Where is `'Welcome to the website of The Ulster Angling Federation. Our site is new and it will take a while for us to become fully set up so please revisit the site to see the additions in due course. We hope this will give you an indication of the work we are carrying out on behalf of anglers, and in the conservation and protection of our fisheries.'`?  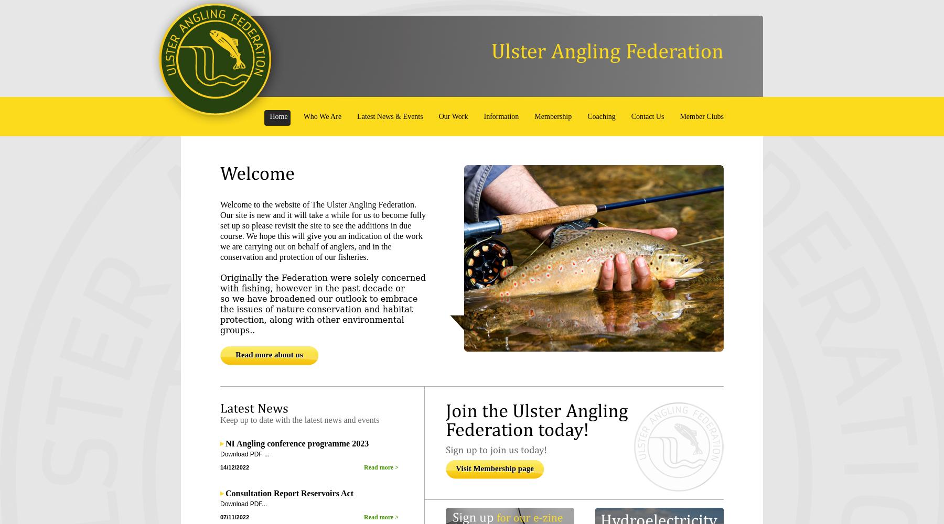 'Welcome to the website of The Ulster Angling Federation. Our site is new and it will take a while for us to become fully set up so please revisit the site to see the additions in due course. We hope this will give you an indication of the work we are carrying out on behalf of anglers, and in the conservation and protection of our fisheries.' is located at coordinates (323, 230).